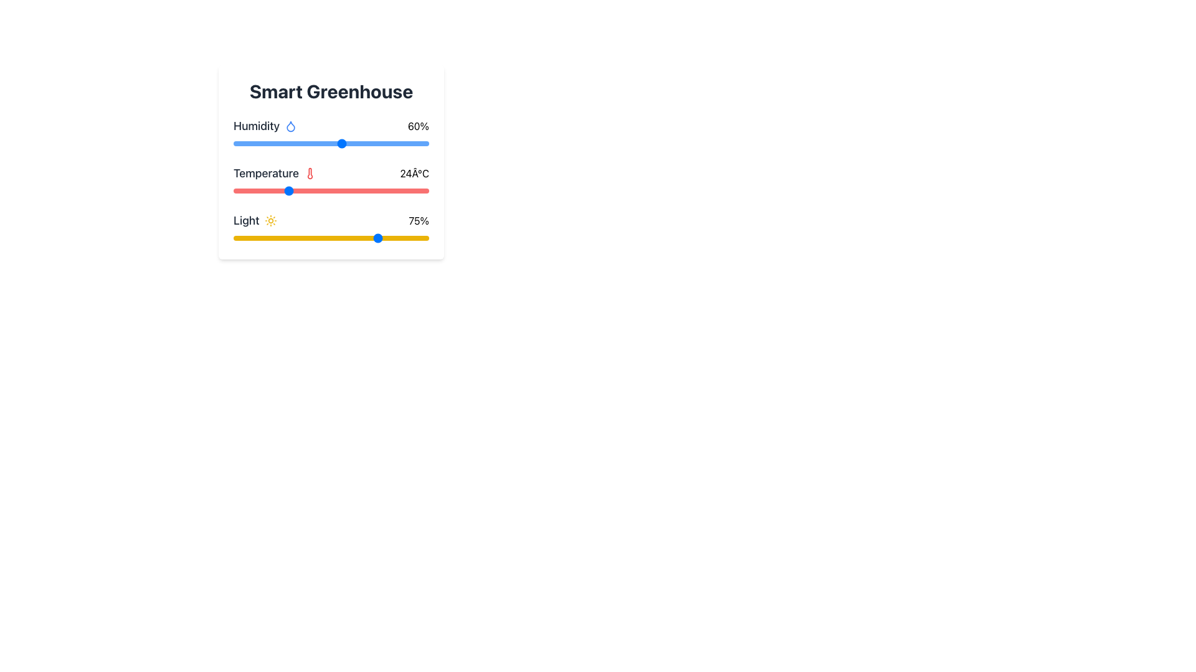 The width and height of the screenshot is (1196, 672). Describe the element at coordinates (290, 126) in the screenshot. I see `the blue droplet icon associated with the 'Humidity' label in the Smart Greenhouse interface` at that location.